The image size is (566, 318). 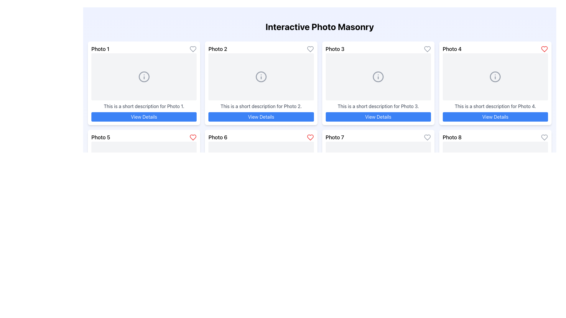 I want to click on the 'like' or 'favorite' button located in the bottom-right corner of the 'Photo 6' card, so click(x=310, y=137).